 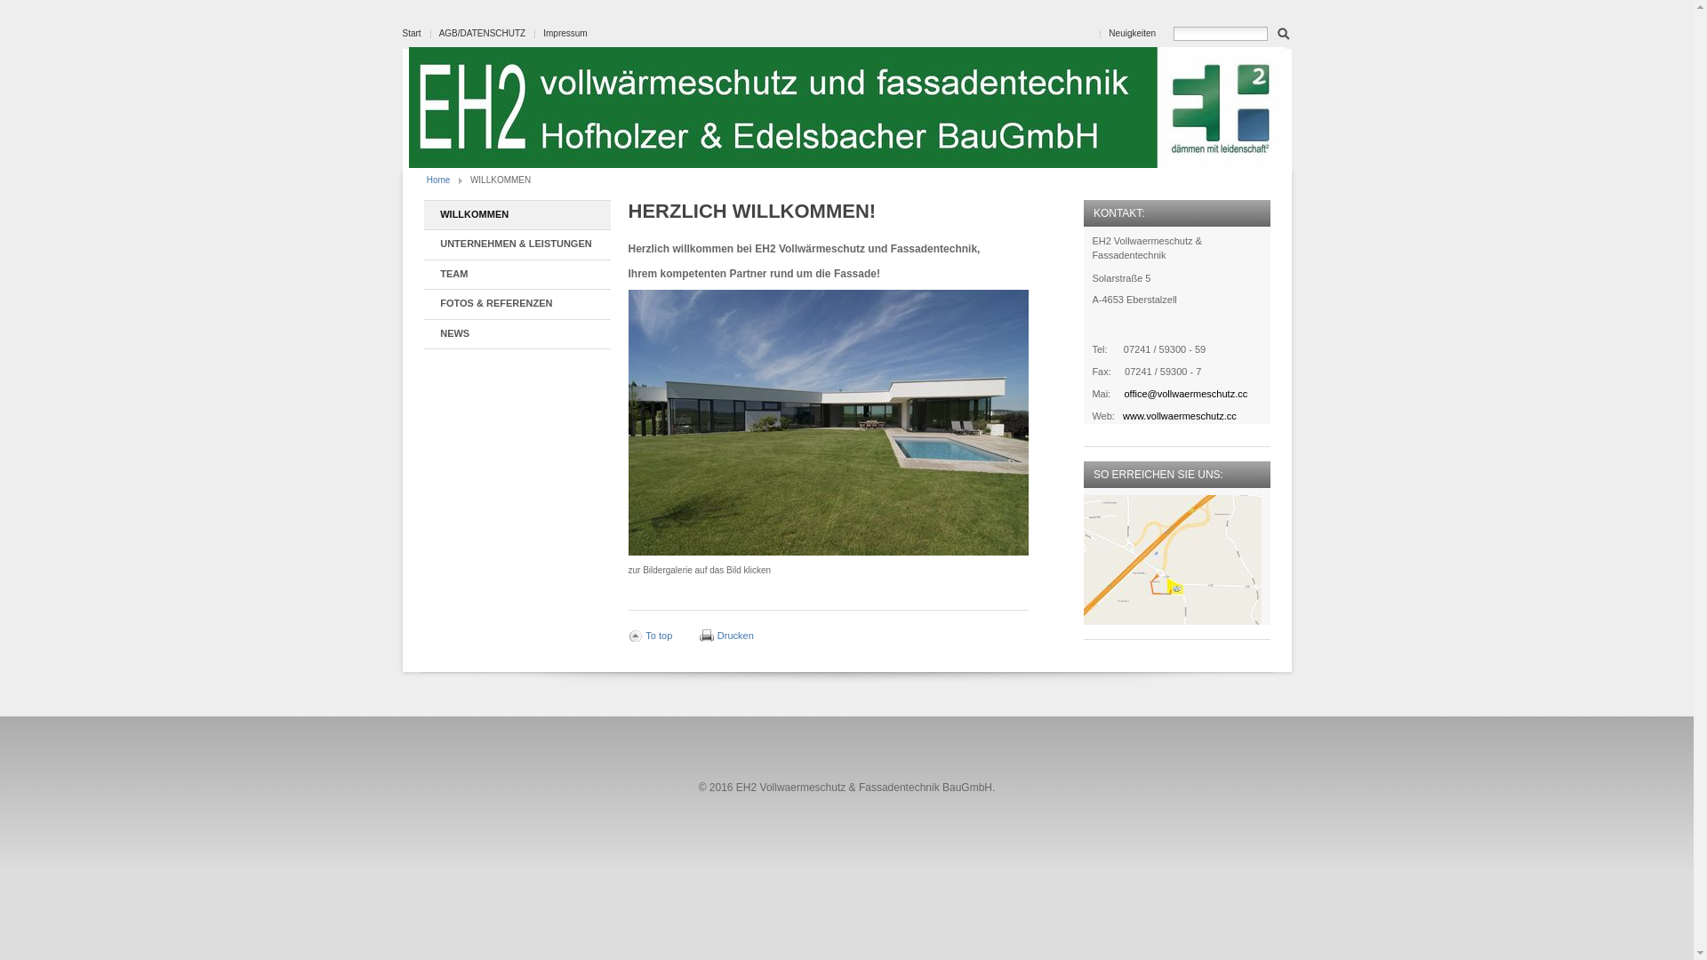 What do you see at coordinates (1131, 33) in the screenshot?
I see `'Neuigkeiten'` at bounding box center [1131, 33].